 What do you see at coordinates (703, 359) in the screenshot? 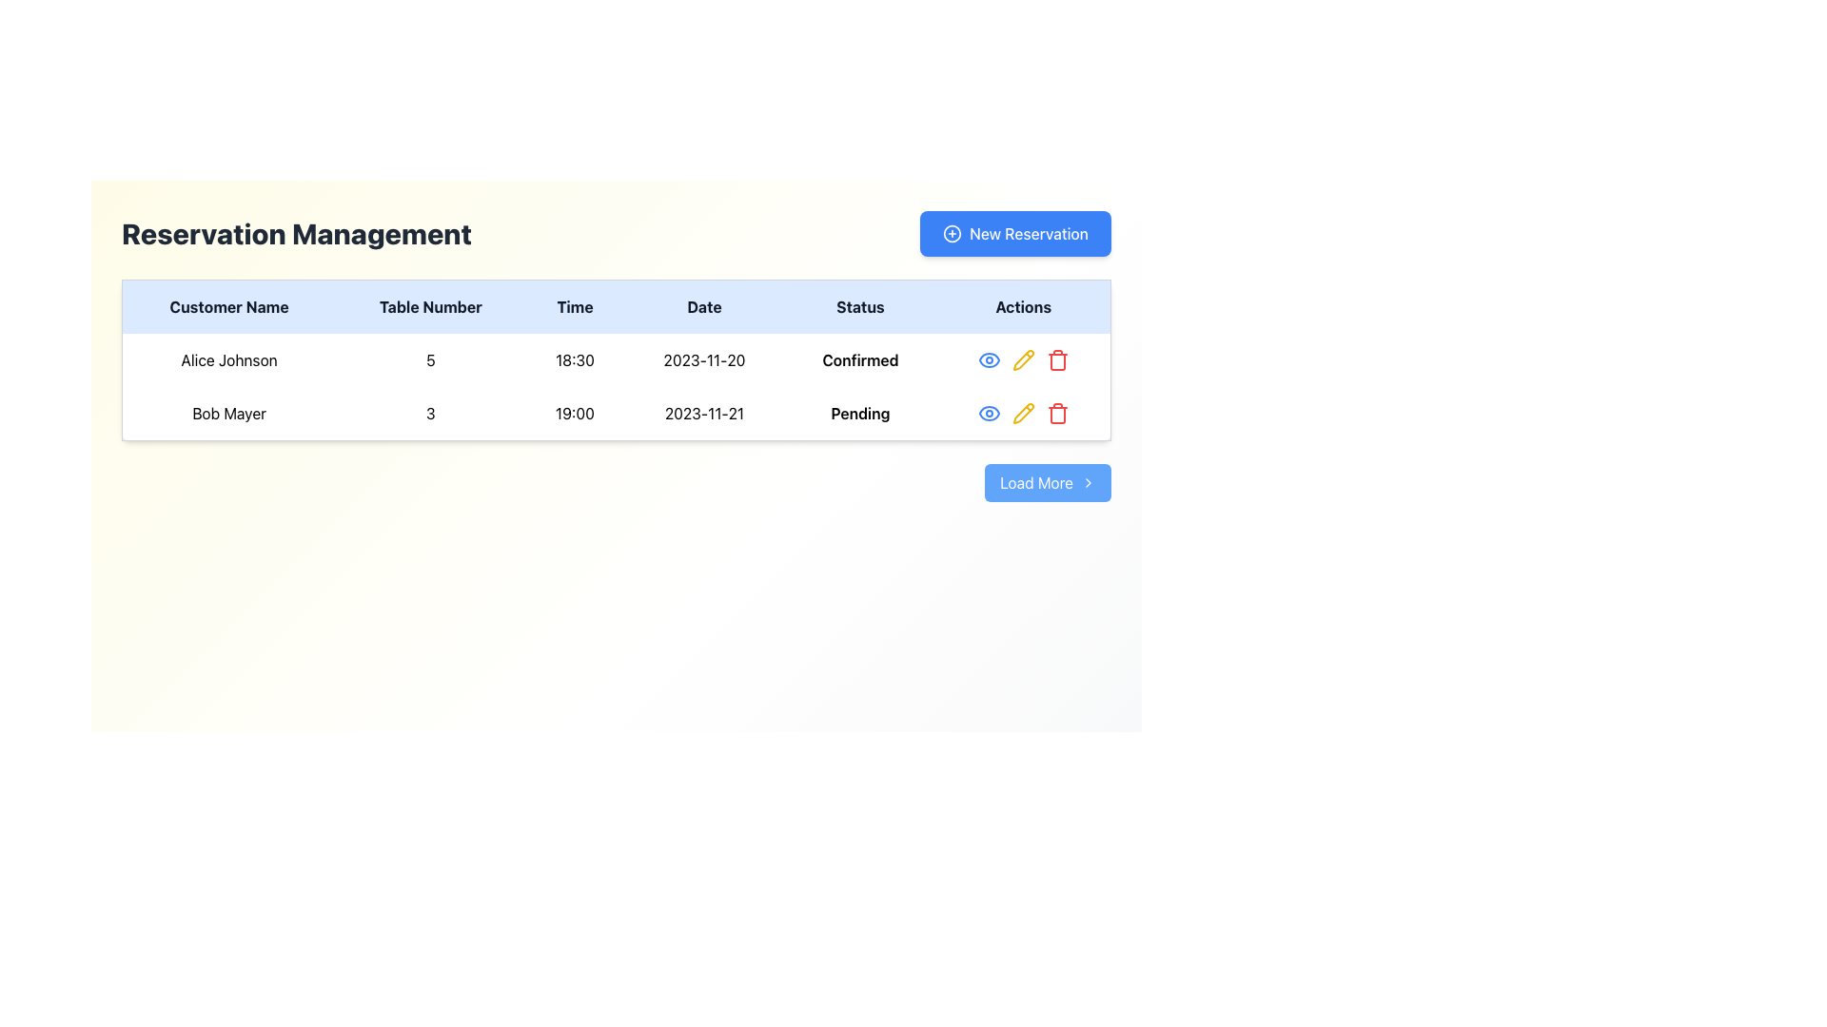
I see `the text label displaying the reservation date '2023-11-20' for the customer 'Alice Johnson' in the 'Date' column of the table` at bounding box center [703, 359].